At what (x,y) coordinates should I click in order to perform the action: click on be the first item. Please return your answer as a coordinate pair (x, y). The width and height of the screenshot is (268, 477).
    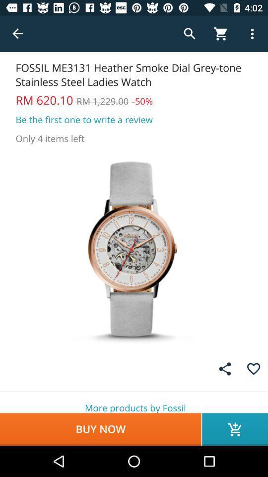
    Looking at the image, I should click on (83, 119).